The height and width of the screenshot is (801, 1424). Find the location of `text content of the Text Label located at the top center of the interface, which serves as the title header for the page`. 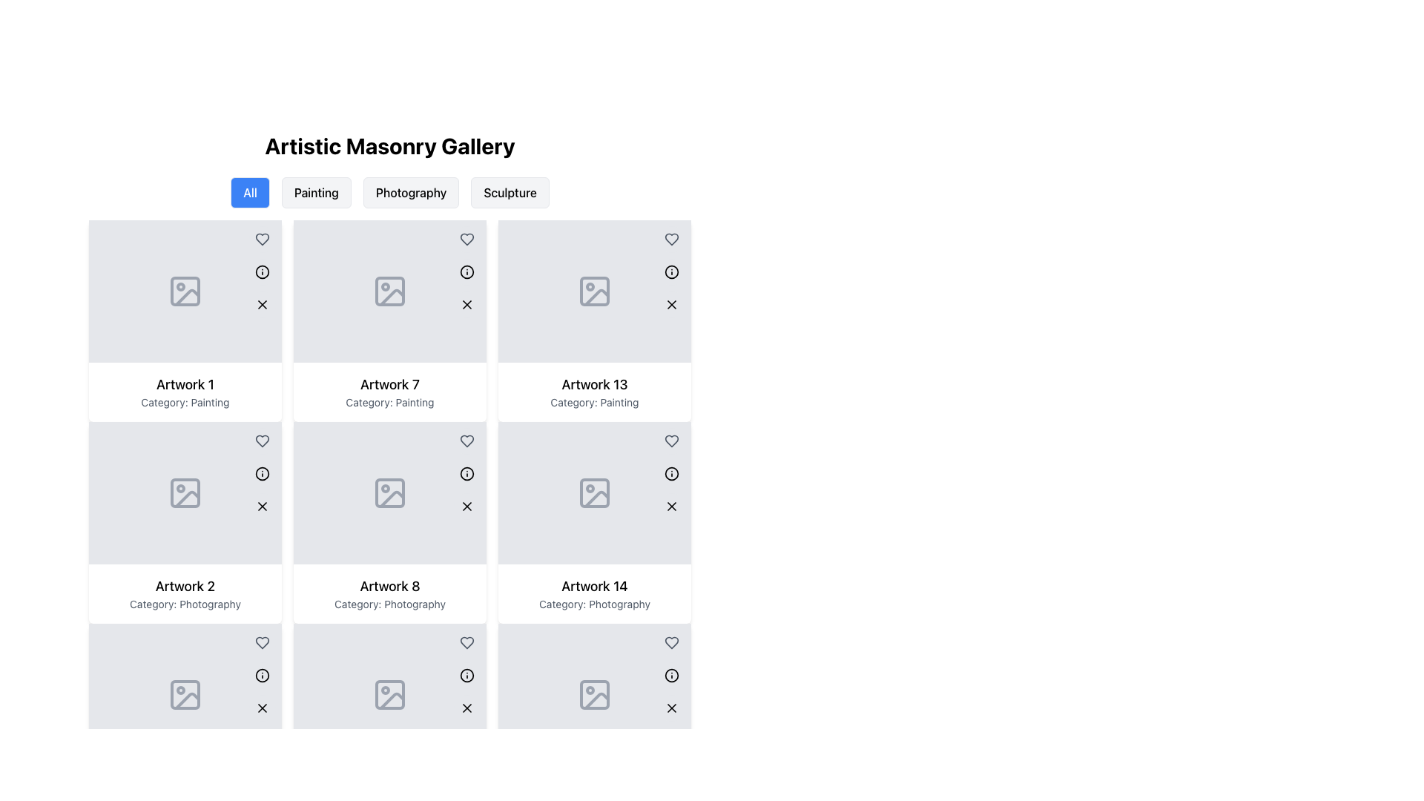

text content of the Text Label located at the top center of the interface, which serves as the title header for the page is located at coordinates (390, 145).